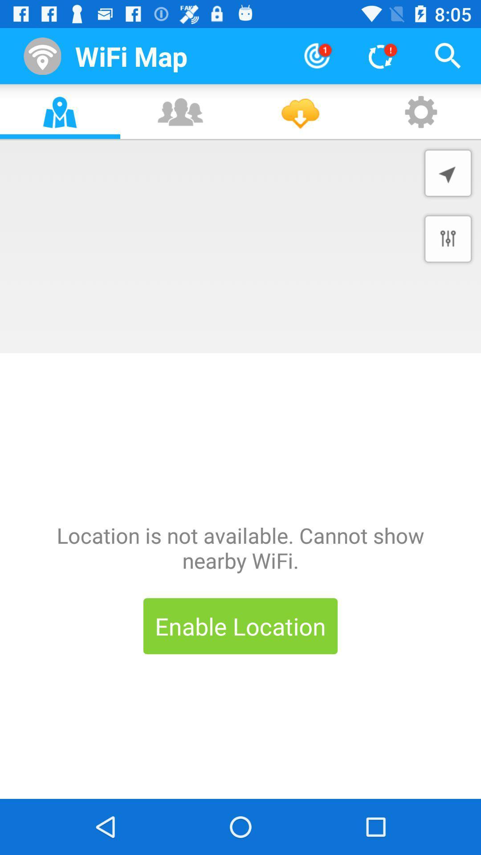 Image resolution: width=481 pixels, height=855 pixels. Describe the element at coordinates (448, 239) in the screenshot. I see `filter selection` at that location.